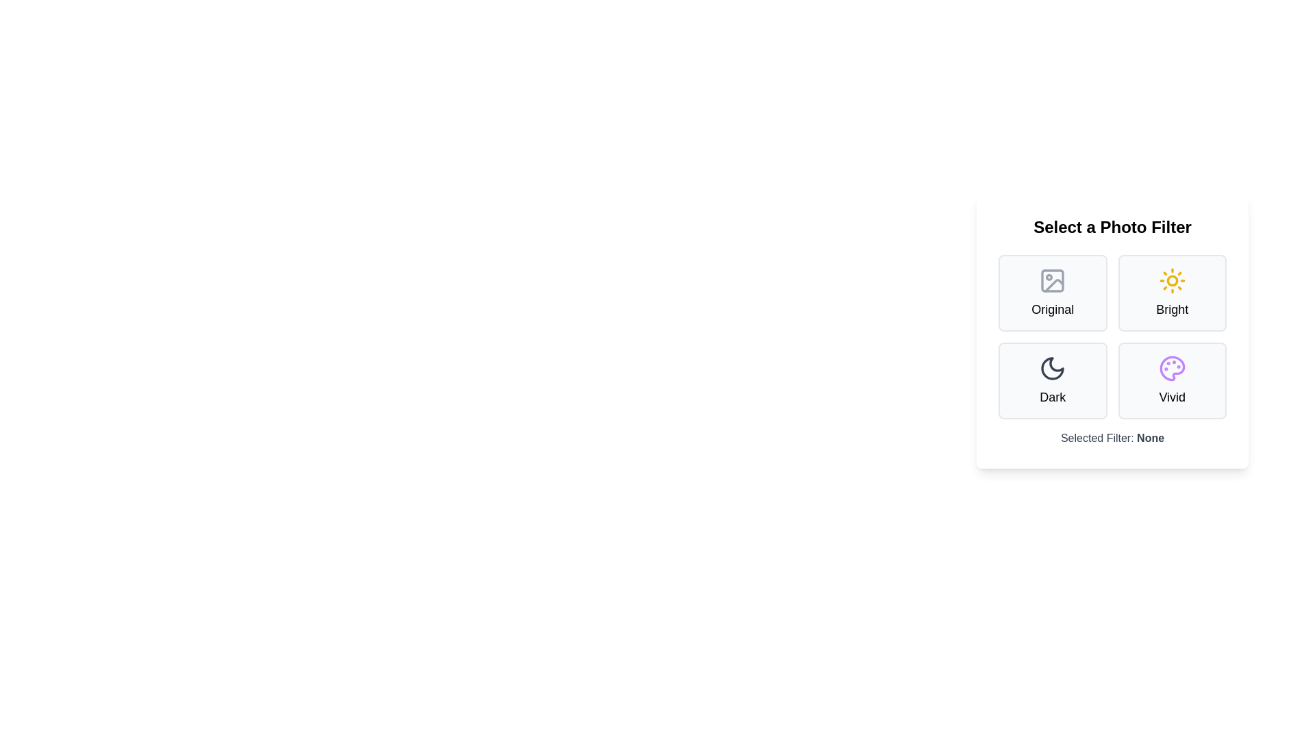 This screenshot has height=740, width=1315. Describe the element at coordinates (1171, 380) in the screenshot. I see `the filter Vivid by clicking on its button` at that location.